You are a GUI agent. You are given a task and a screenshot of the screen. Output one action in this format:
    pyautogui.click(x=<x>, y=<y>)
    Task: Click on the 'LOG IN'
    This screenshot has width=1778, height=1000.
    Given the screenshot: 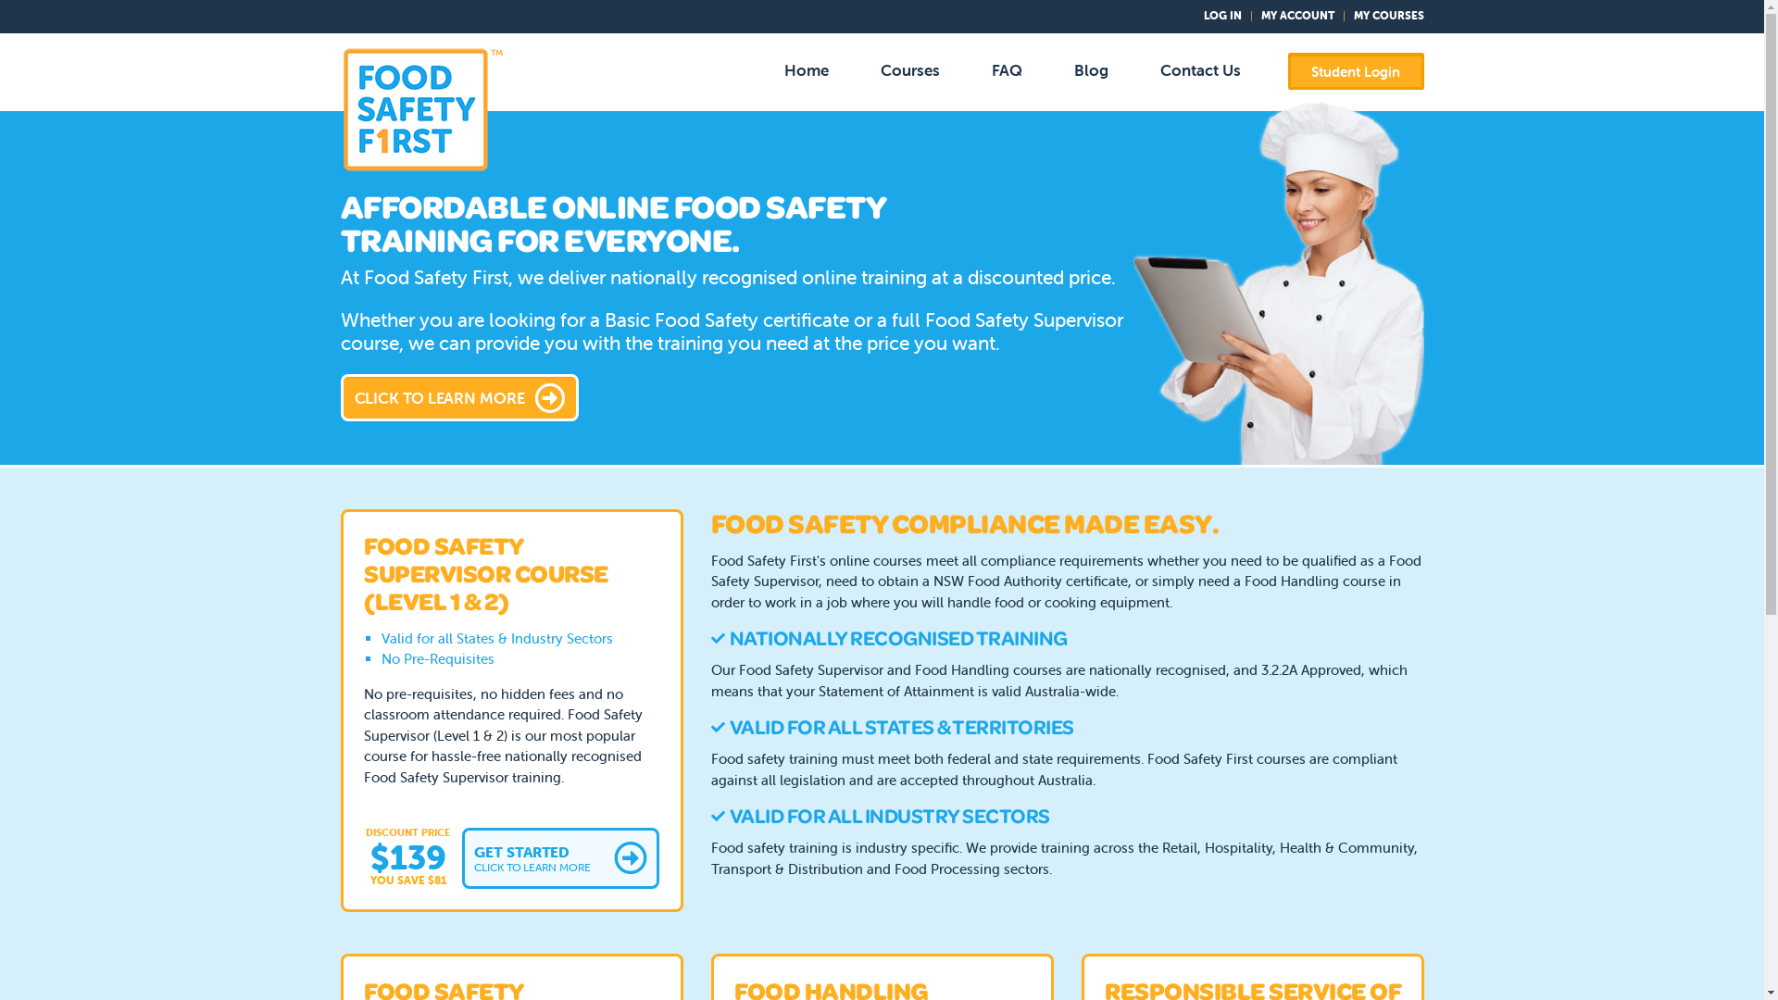 What is the action you would take?
    pyautogui.click(x=1222, y=15)
    